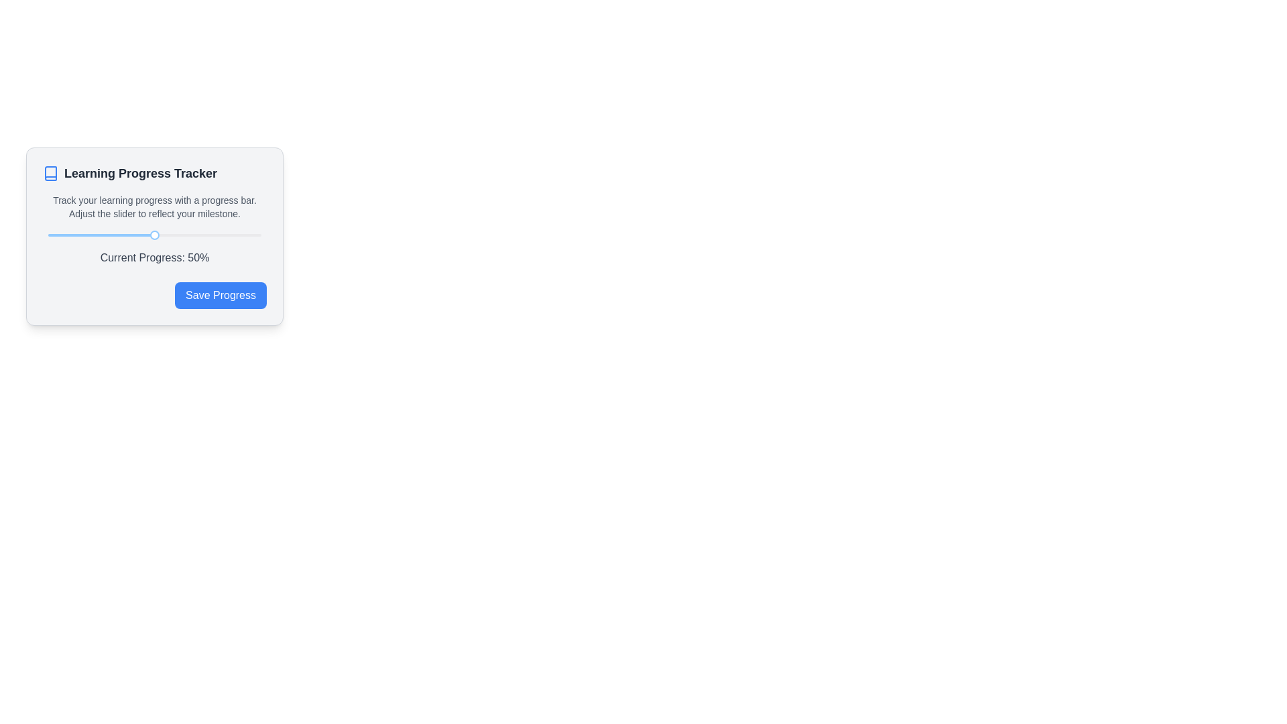 This screenshot has height=724, width=1287. Describe the element at coordinates (112, 235) in the screenshot. I see `the slider value` at that location.